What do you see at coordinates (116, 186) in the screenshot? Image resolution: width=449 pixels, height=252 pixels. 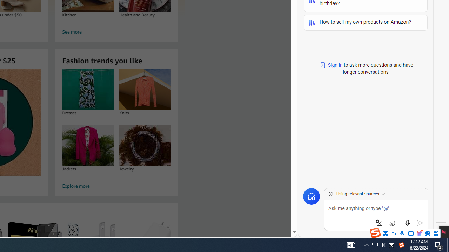 I see `'Explore more'` at bounding box center [116, 186].